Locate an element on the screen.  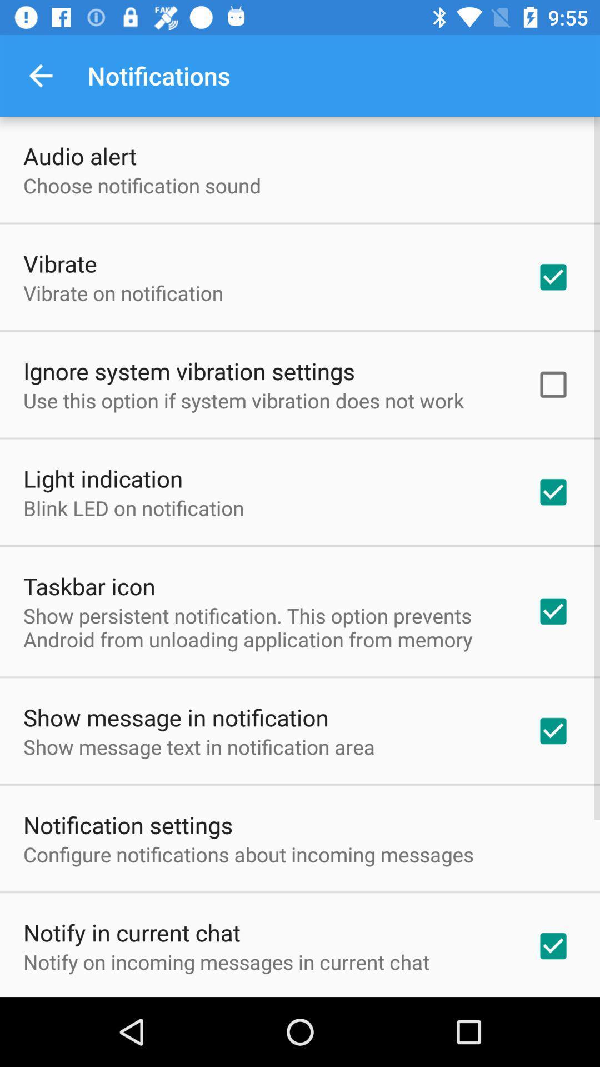
item below the blink led on icon is located at coordinates (88, 585).